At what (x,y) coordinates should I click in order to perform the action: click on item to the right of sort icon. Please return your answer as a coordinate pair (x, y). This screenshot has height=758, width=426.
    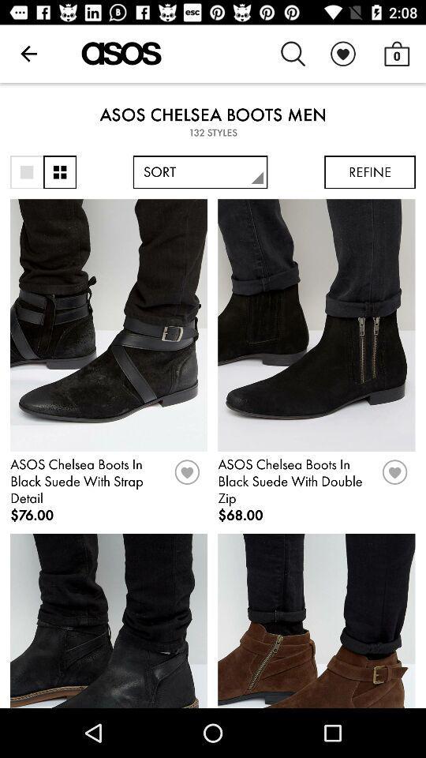
    Looking at the image, I should click on (370, 172).